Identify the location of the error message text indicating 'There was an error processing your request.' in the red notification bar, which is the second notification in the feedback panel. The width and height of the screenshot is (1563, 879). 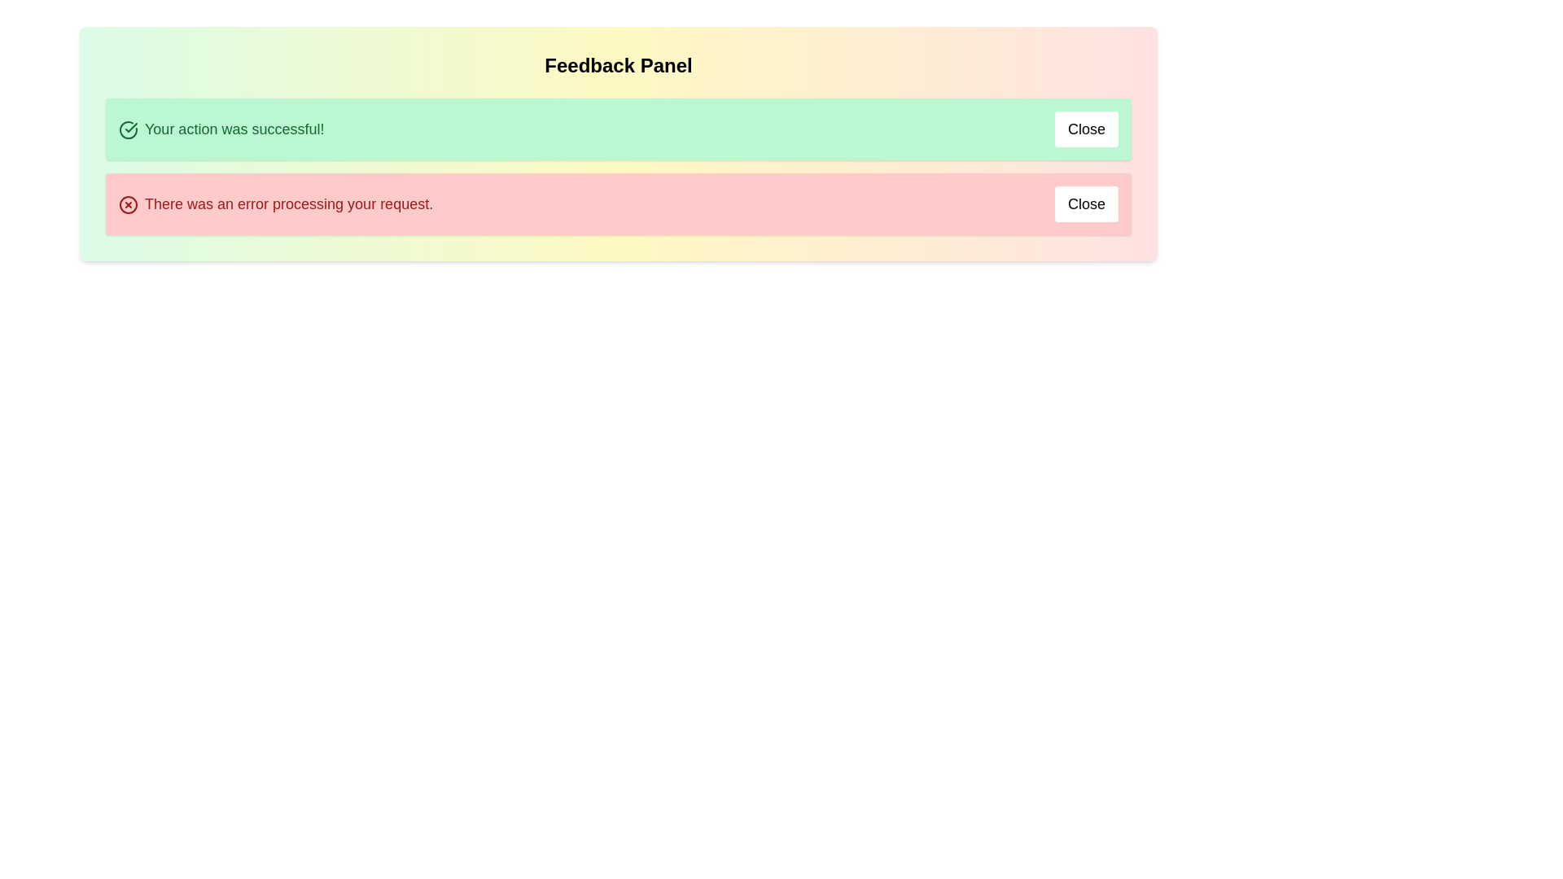
(276, 203).